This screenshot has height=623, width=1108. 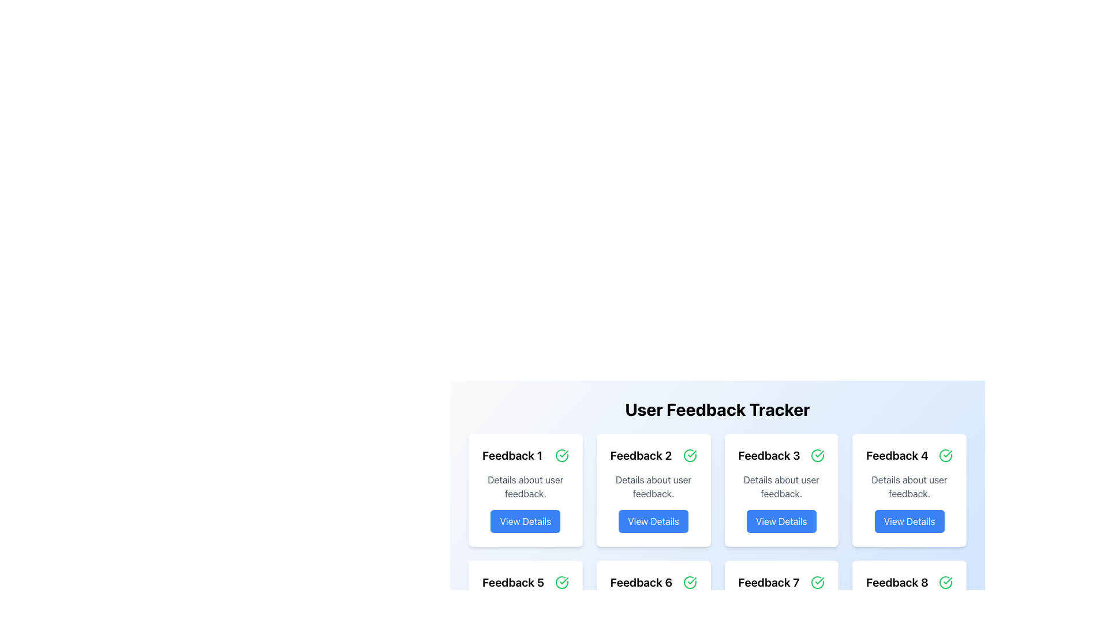 What do you see at coordinates (512, 455) in the screenshot?
I see `the 'Feedback 1' text label located in the top-left corner of the grid layout, which signifies a specific feedback entry` at bounding box center [512, 455].